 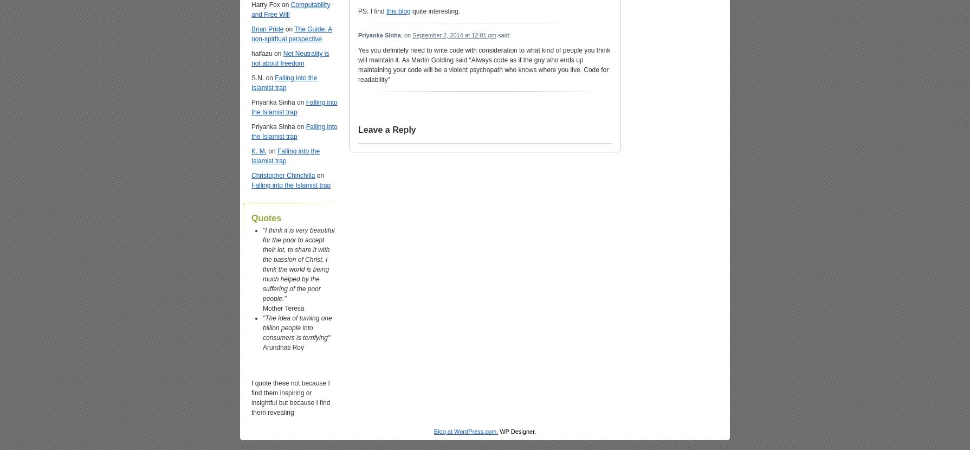 What do you see at coordinates (517, 430) in the screenshot?
I see `'WP Designer.'` at bounding box center [517, 430].